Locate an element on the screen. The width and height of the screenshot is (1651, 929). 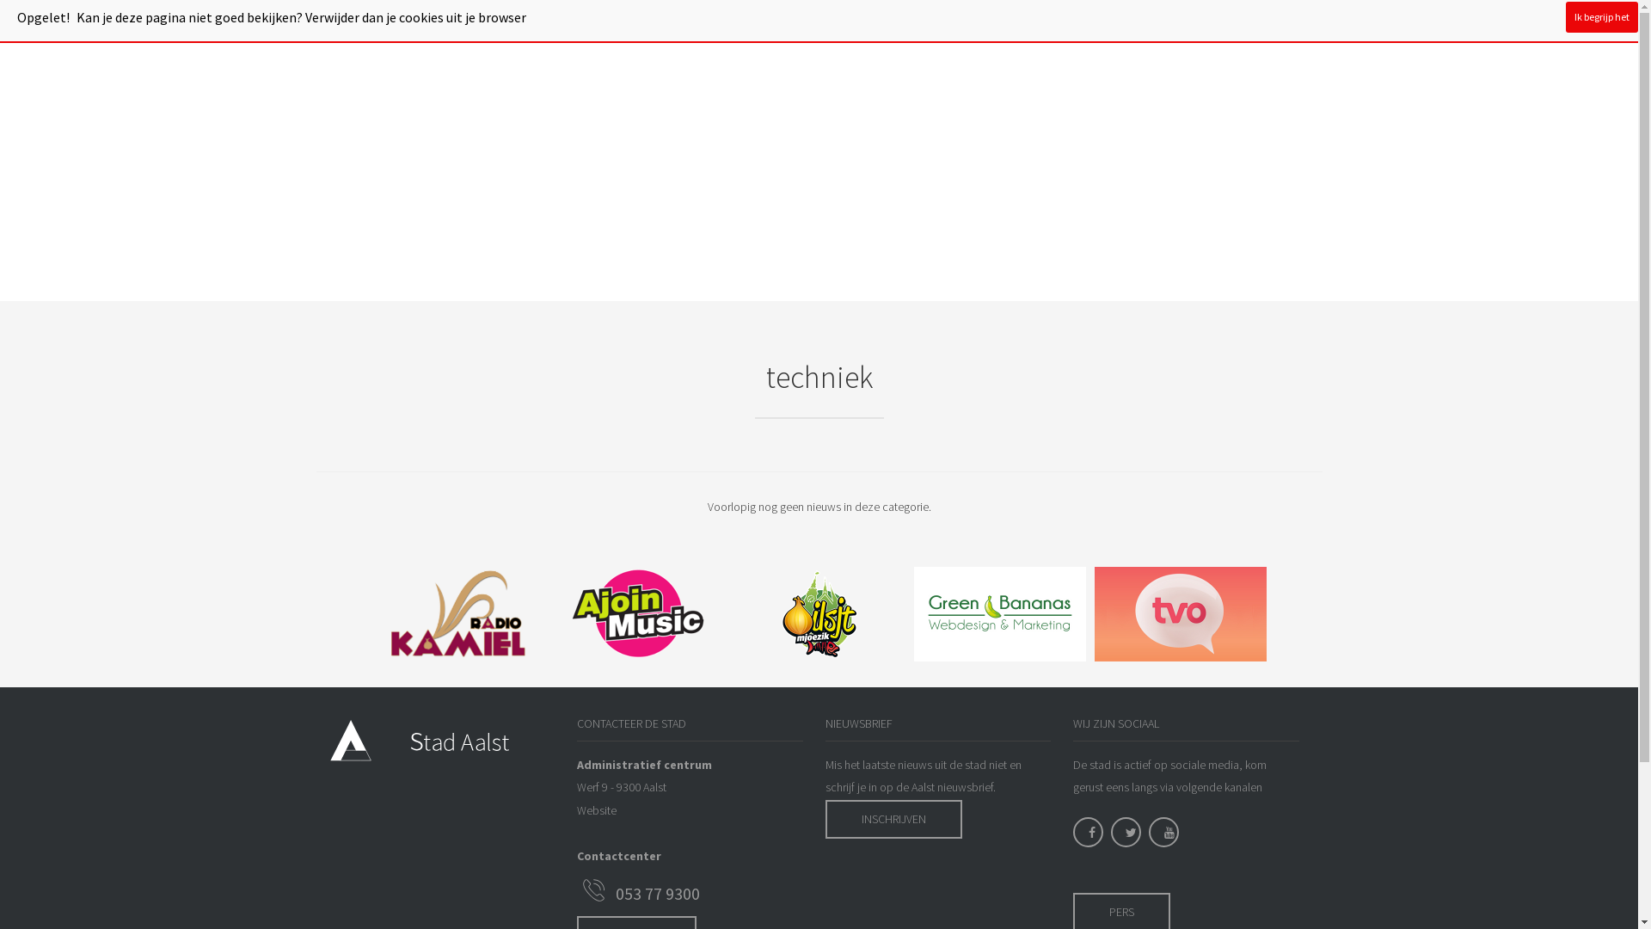
'PROGRAMMA' is located at coordinates (523, 22).